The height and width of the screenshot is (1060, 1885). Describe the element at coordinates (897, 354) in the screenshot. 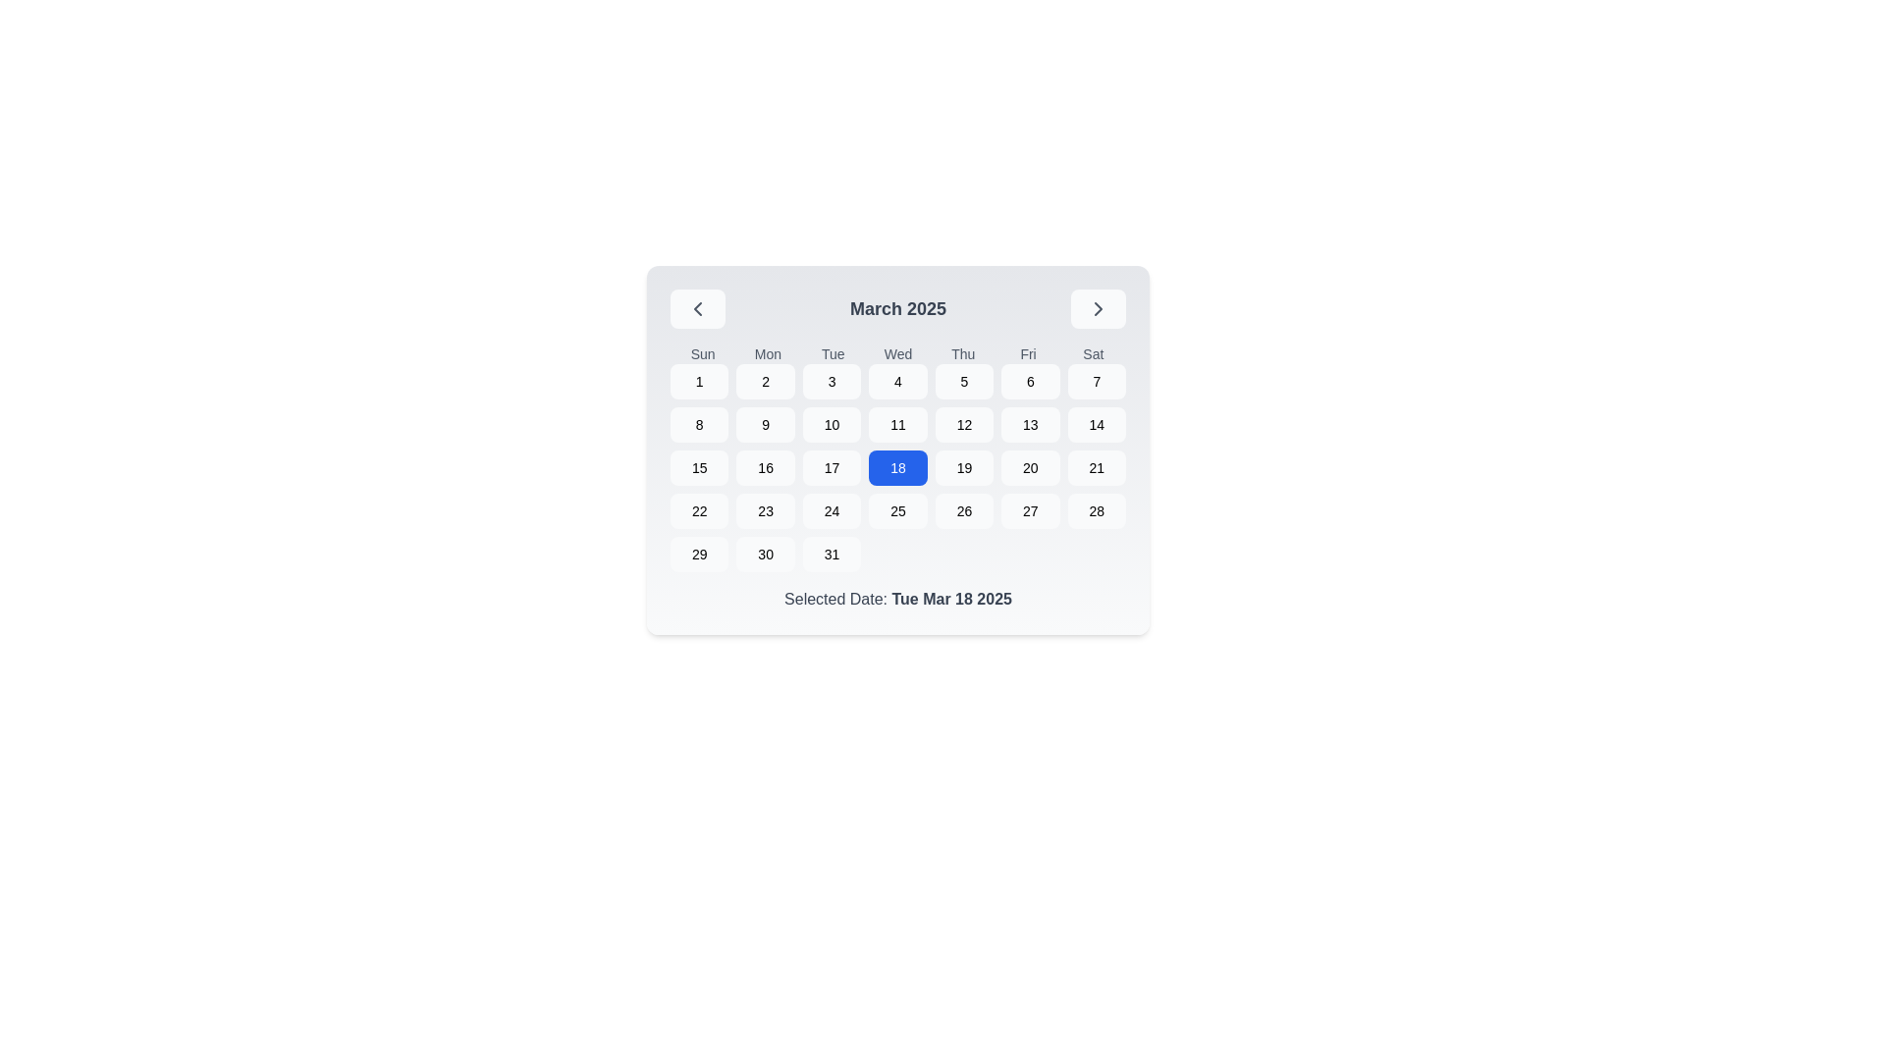

I see `the text label displaying 'Wed', which is the fourth label in a row of day abbreviations in a calendar component` at that location.